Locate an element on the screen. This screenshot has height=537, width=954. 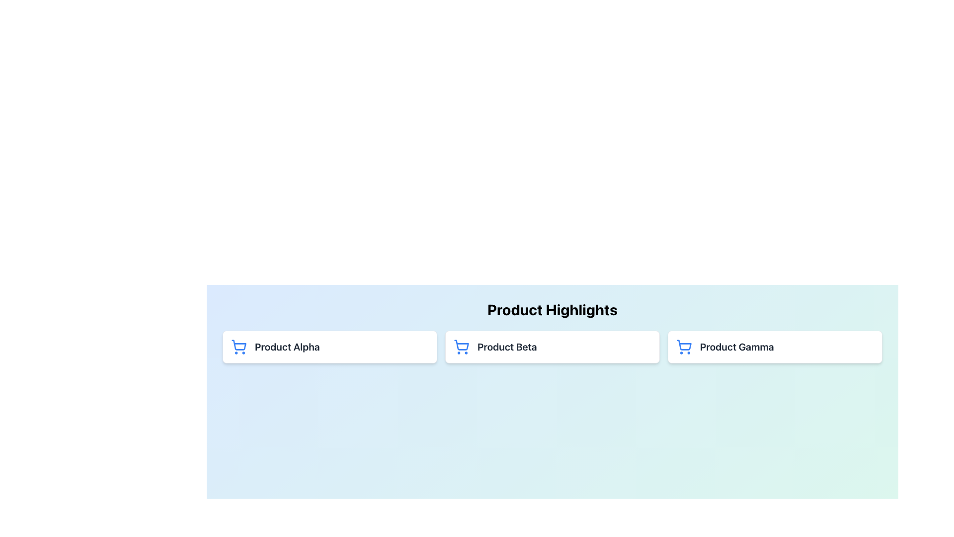
the shopping cart icon located in the third card of the 'Product Highlights', which is positioned to the left of the label text 'Product Gamma' is located at coordinates (684, 347).